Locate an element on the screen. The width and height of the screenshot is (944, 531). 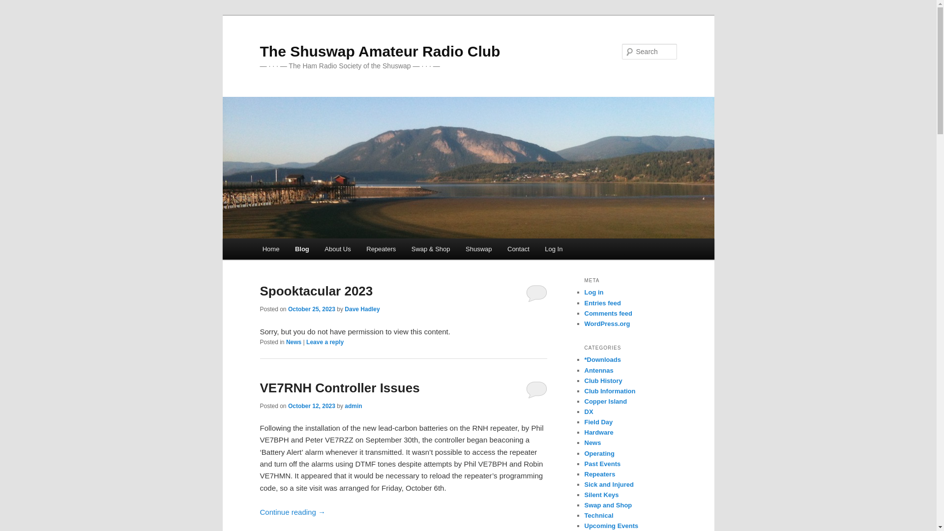
'Field Day' is located at coordinates (598, 421).